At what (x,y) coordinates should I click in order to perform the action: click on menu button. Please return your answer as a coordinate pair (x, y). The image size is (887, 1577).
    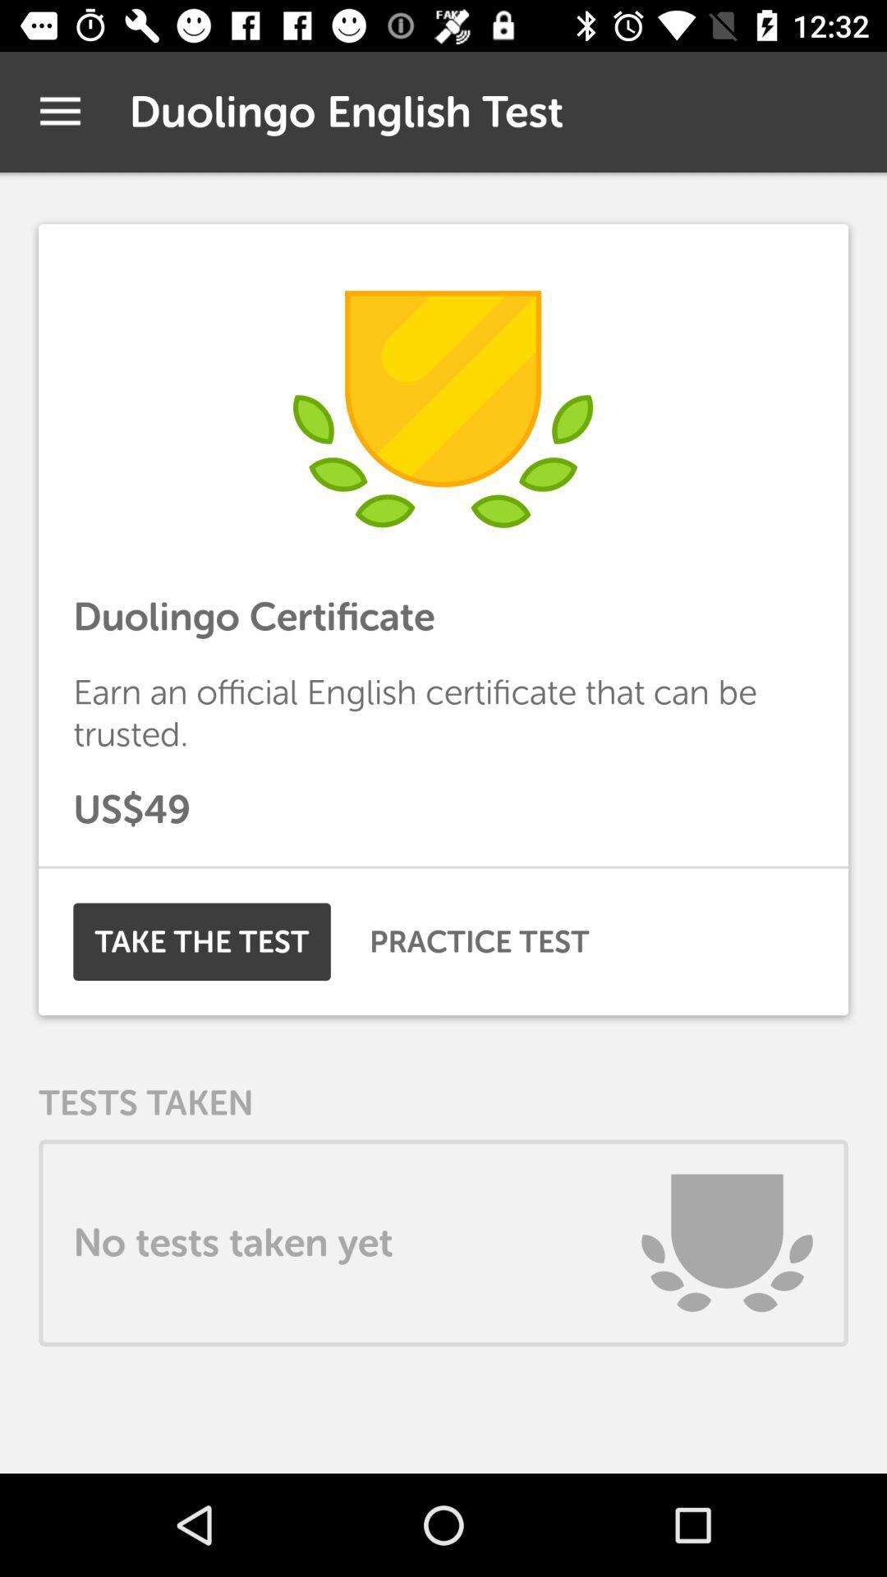
    Looking at the image, I should click on (59, 111).